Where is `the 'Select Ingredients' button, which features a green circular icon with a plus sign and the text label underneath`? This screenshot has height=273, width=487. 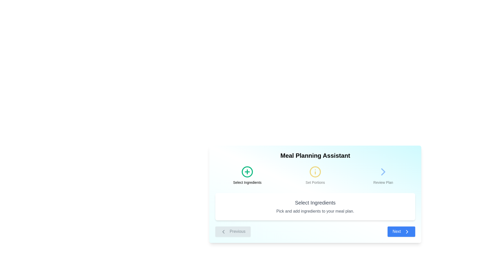
the 'Select Ingredients' button, which features a green circular icon with a plus sign and the text label underneath is located at coordinates (247, 175).